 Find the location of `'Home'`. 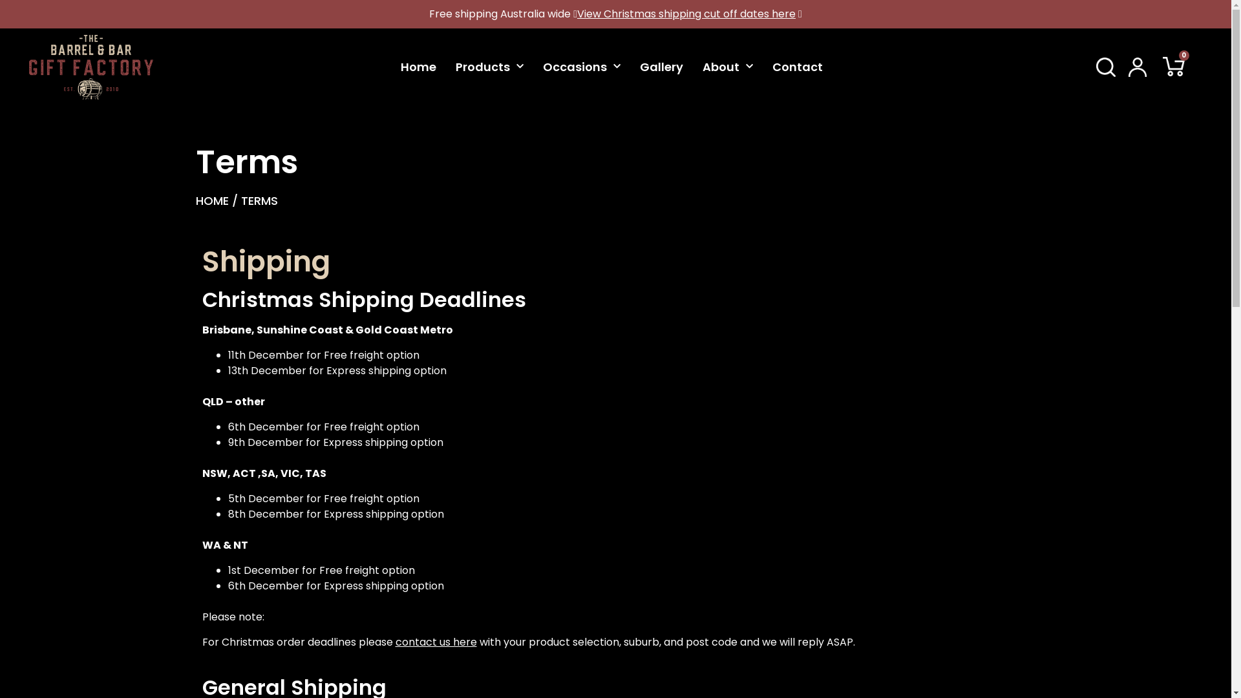

'Home' is located at coordinates (418, 67).